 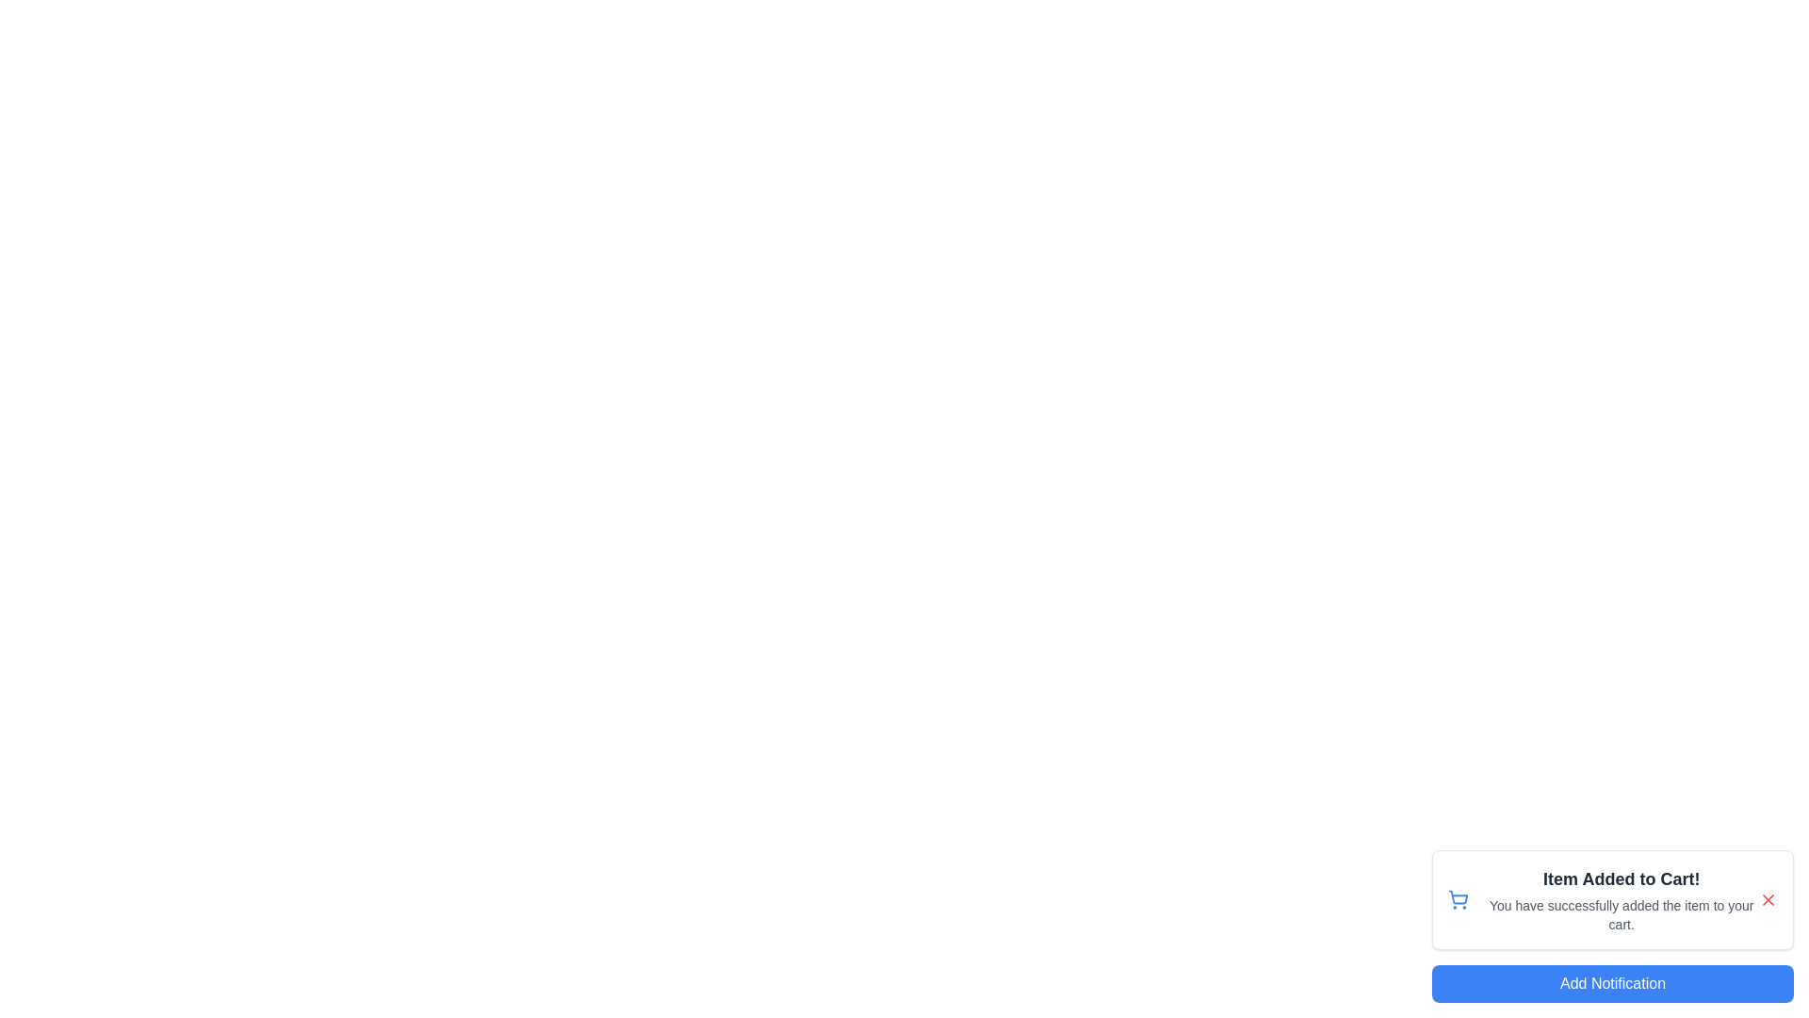 What do you see at coordinates (1621, 899) in the screenshot?
I see `the informational text section that displays 'Item Added to Cart!' with a two-line message and a notification style` at bounding box center [1621, 899].